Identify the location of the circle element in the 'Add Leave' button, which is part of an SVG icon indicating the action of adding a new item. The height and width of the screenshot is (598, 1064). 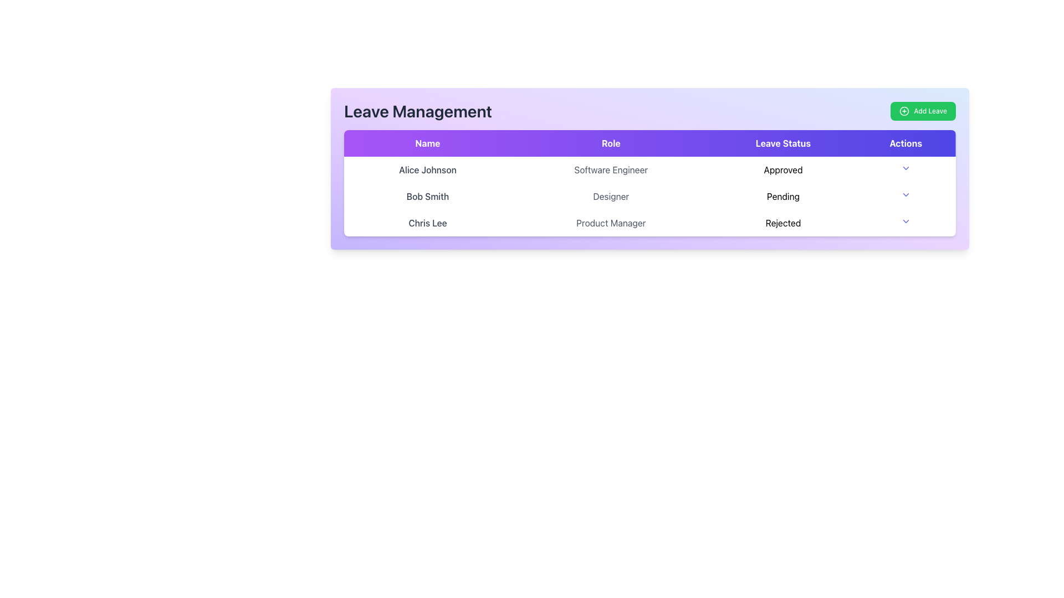
(904, 111).